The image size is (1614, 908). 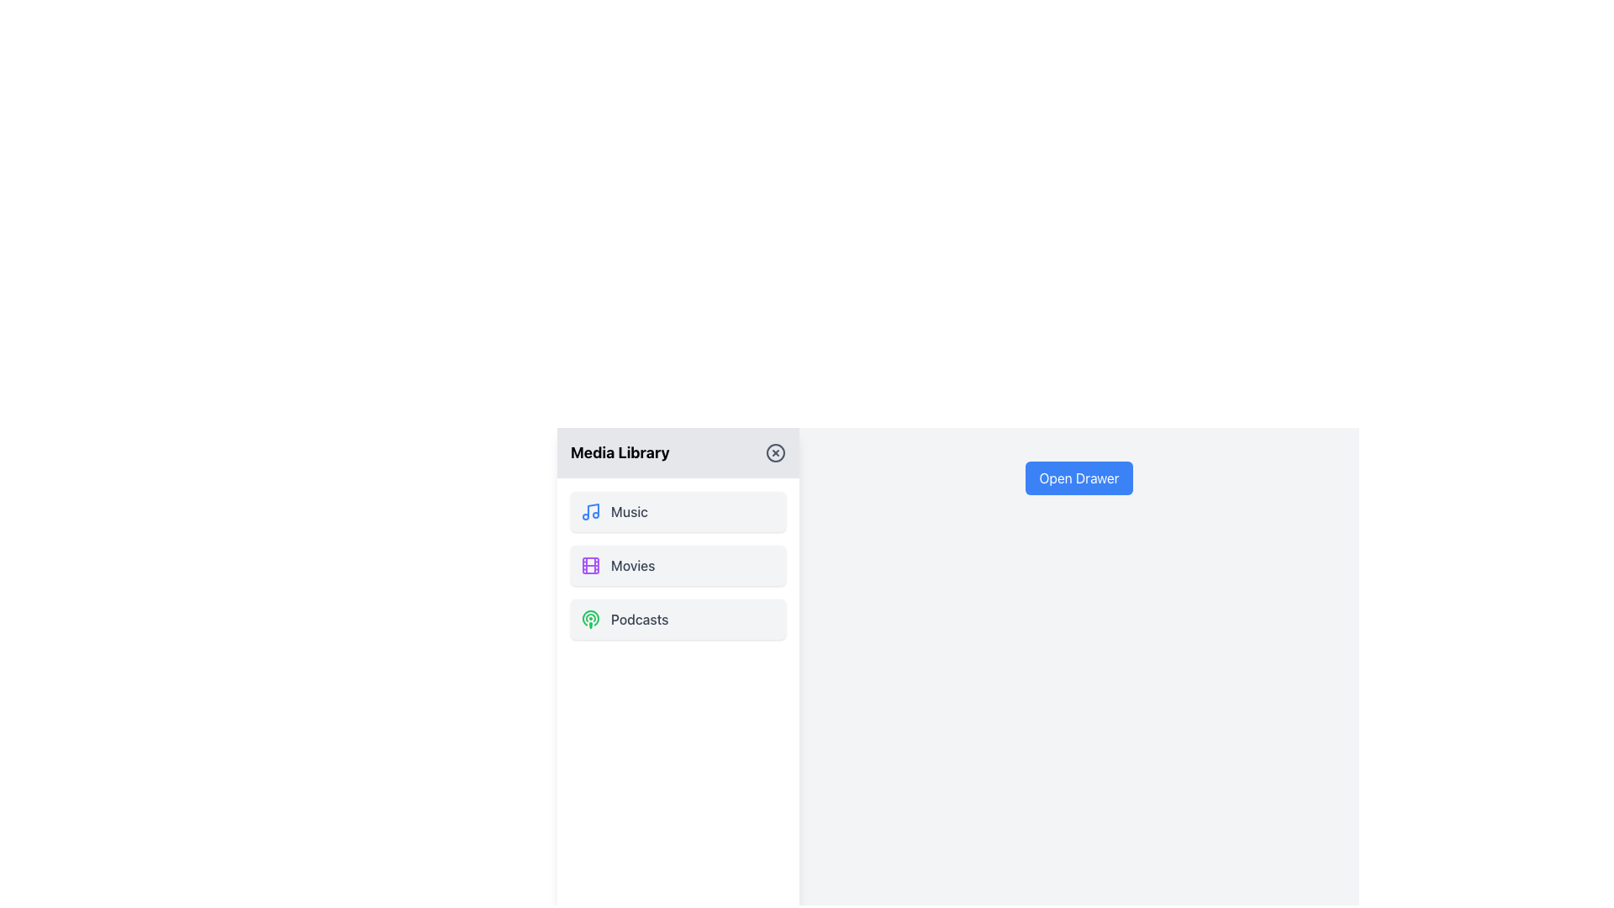 What do you see at coordinates (774, 452) in the screenshot?
I see `the decorative or structural component of the close action button located at the top-right corner of the Media Library panel` at bounding box center [774, 452].